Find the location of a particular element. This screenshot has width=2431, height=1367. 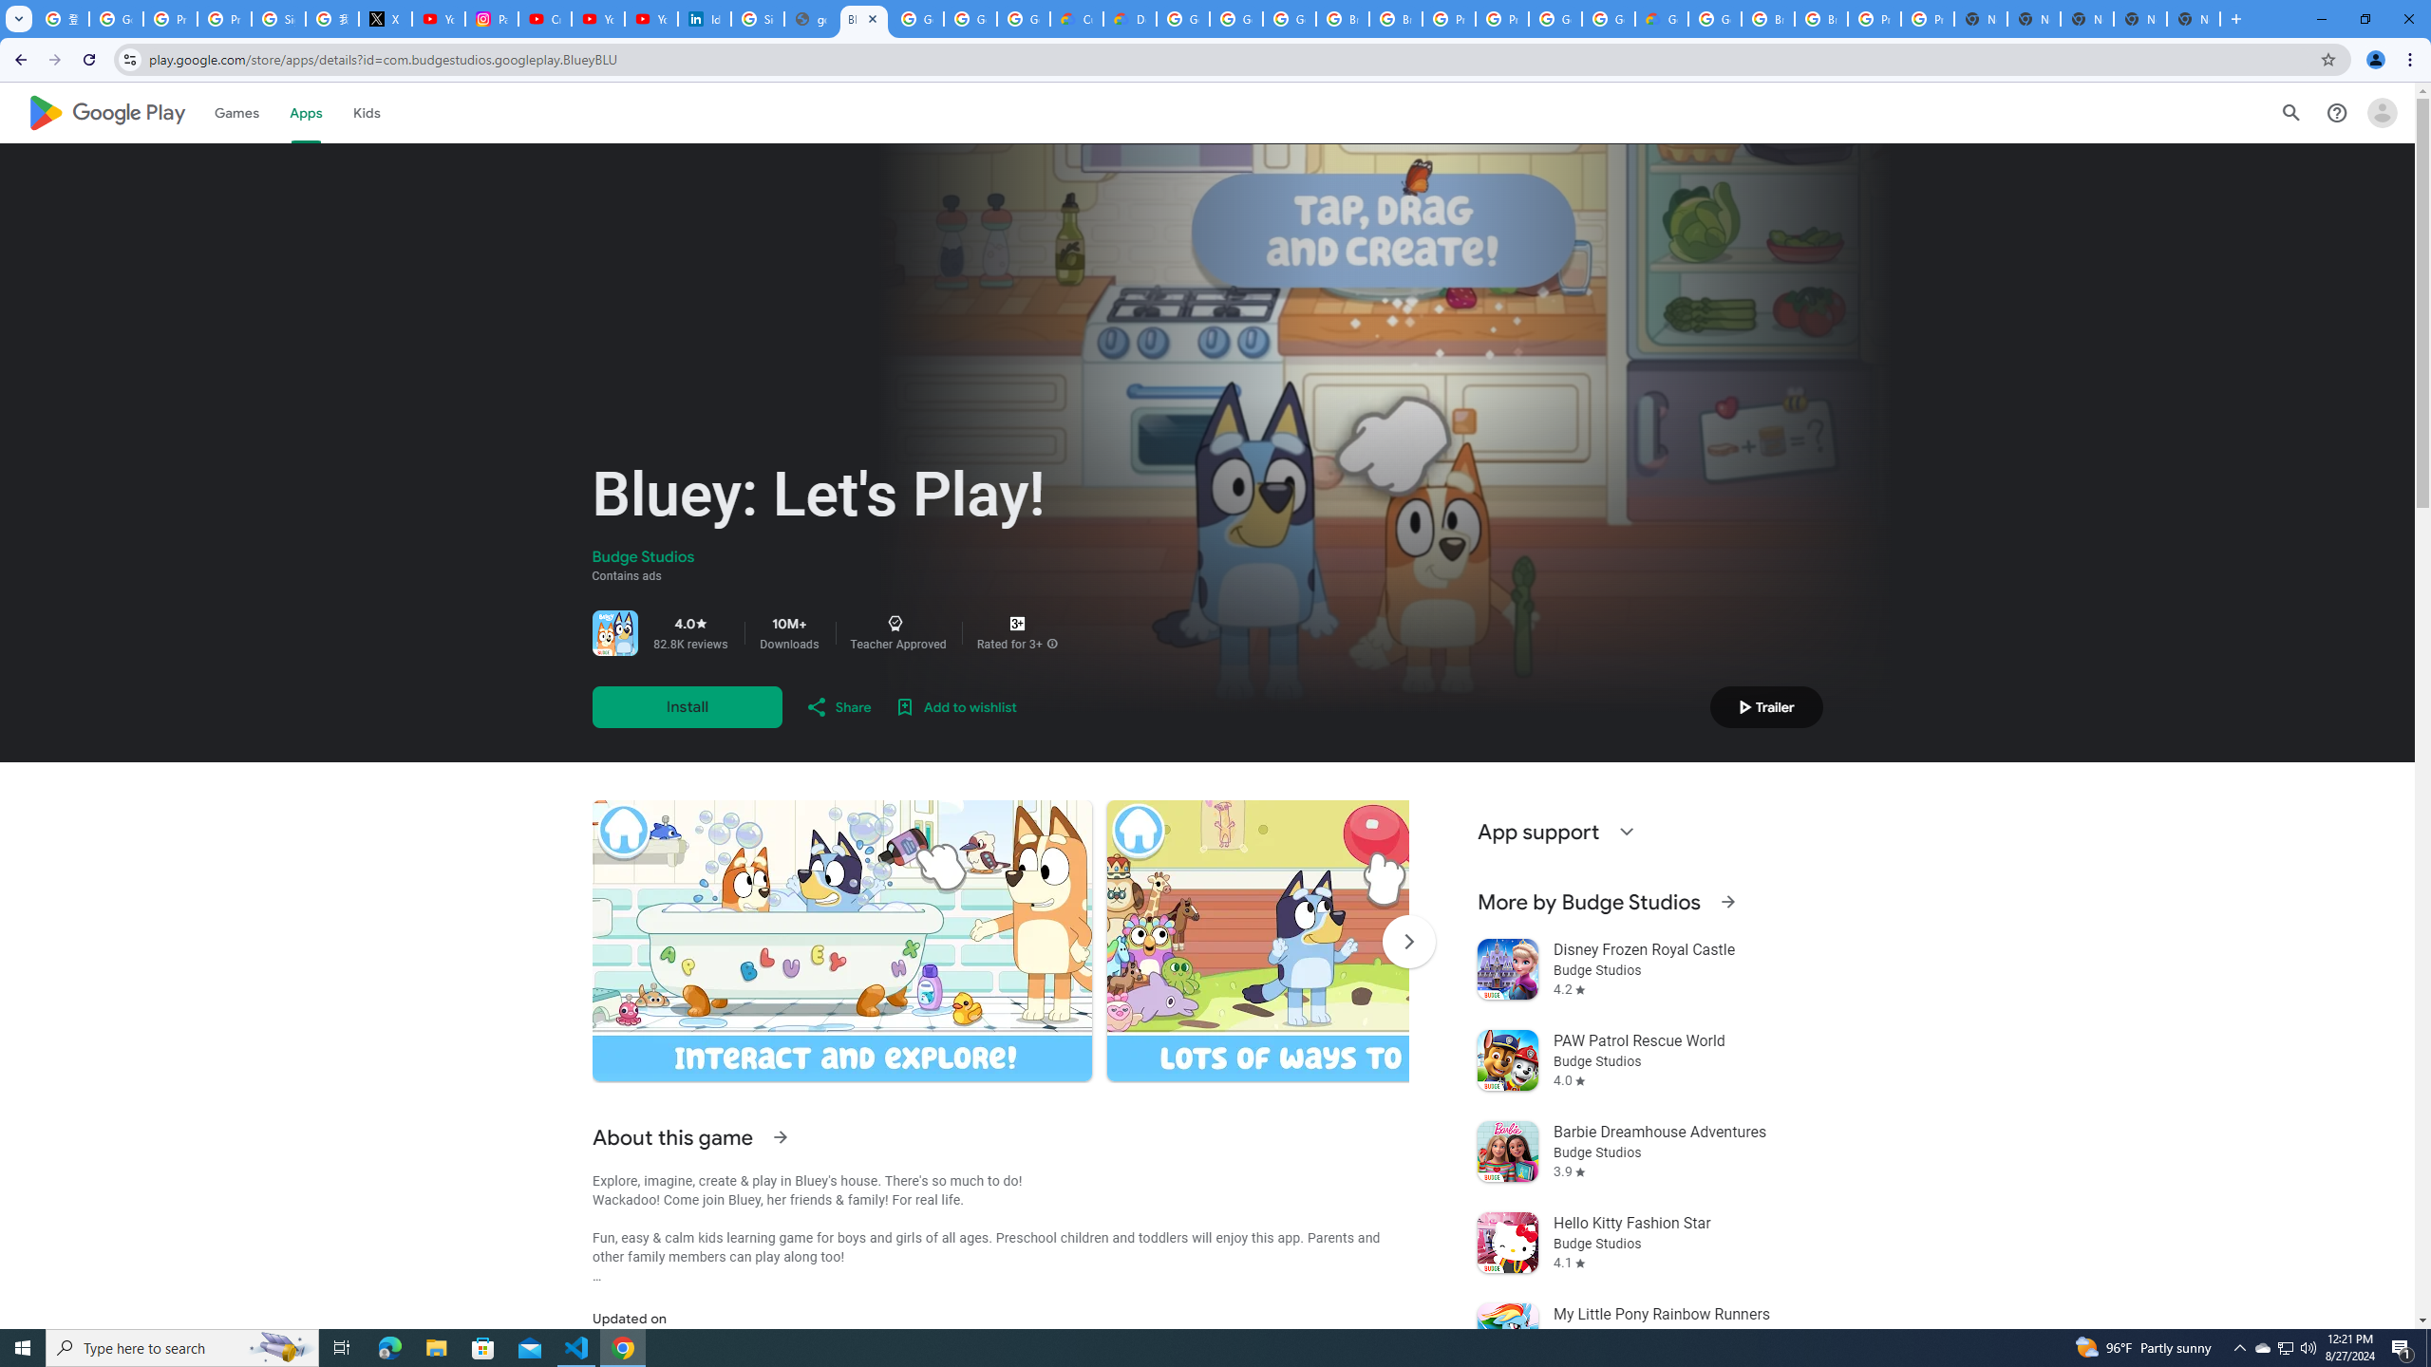

'Open account menu' is located at coordinates (2381, 112).